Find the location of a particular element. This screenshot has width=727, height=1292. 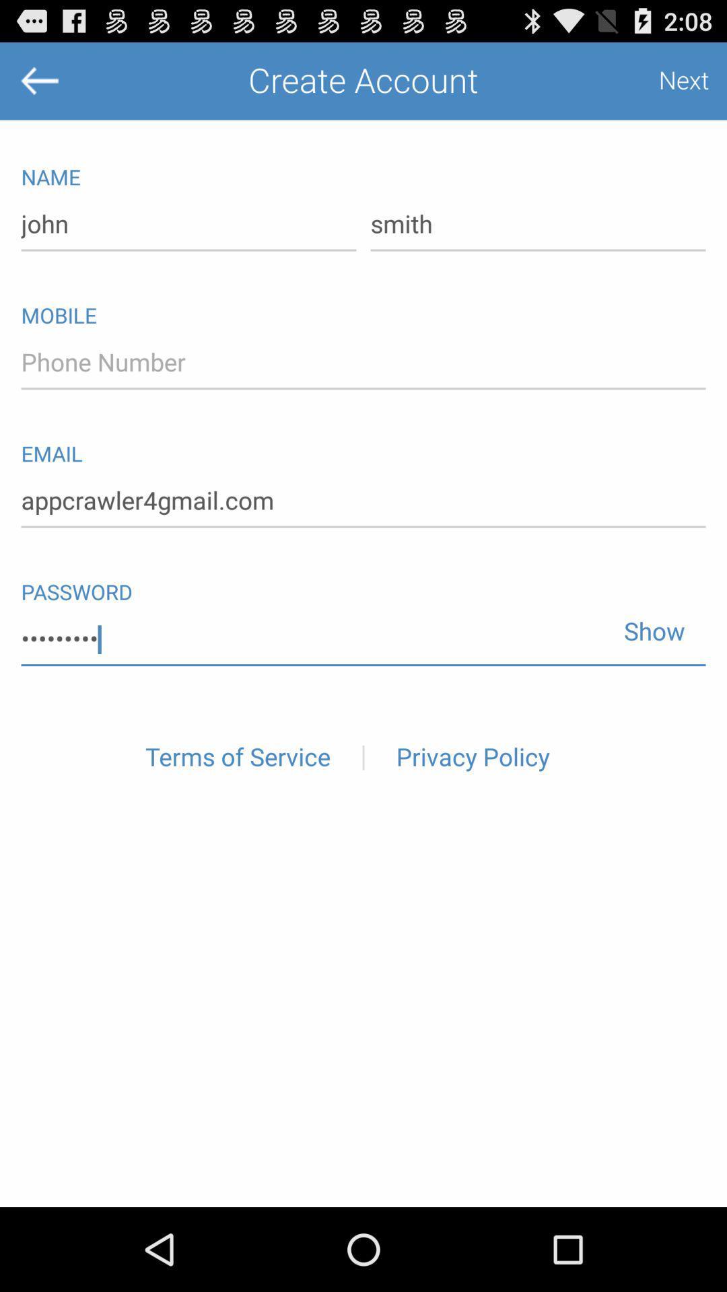

smith item is located at coordinates (537, 225).